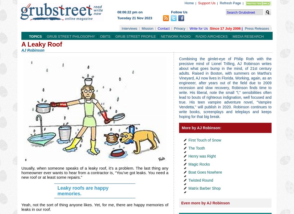 The height and width of the screenshot is (214, 294). What do you see at coordinates (129, 28) in the screenshot?
I see `'Interviews'` at bounding box center [129, 28].